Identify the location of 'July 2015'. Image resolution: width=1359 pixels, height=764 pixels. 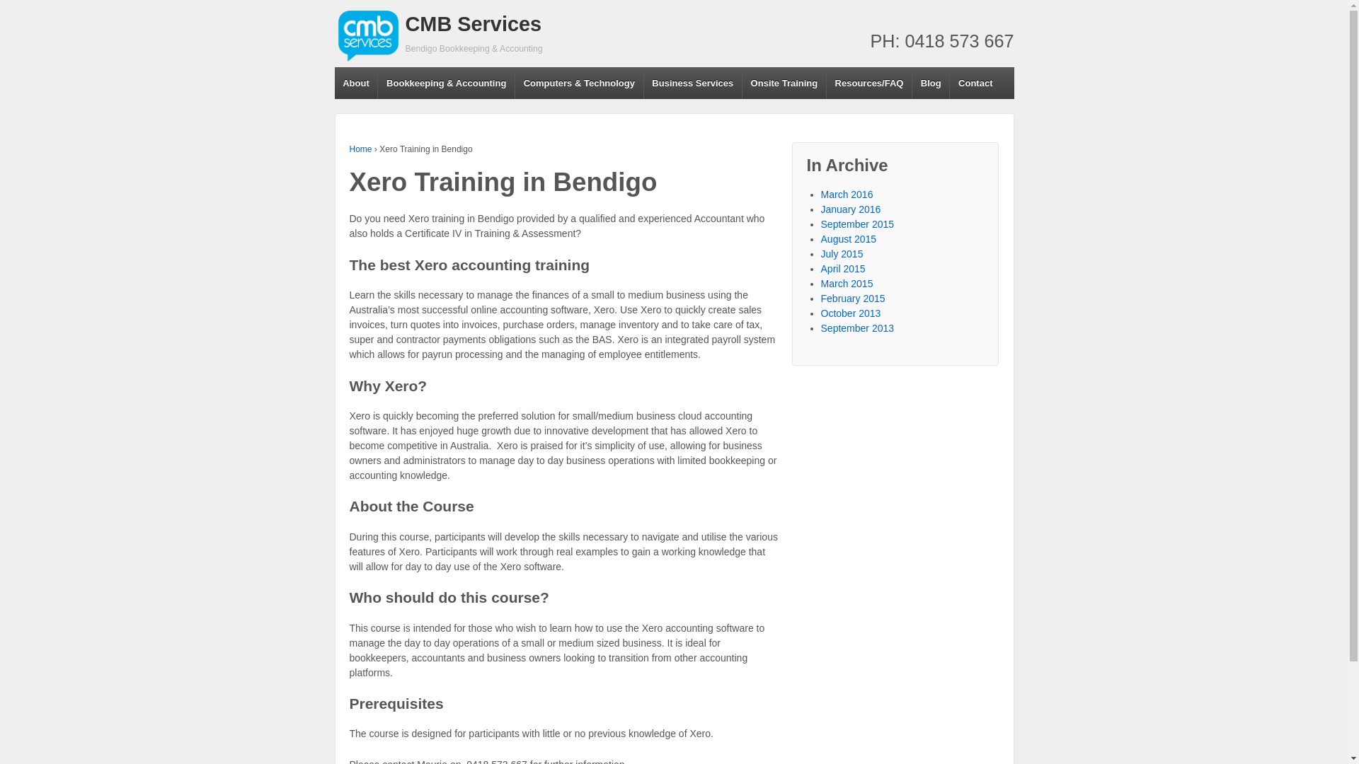
(842, 253).